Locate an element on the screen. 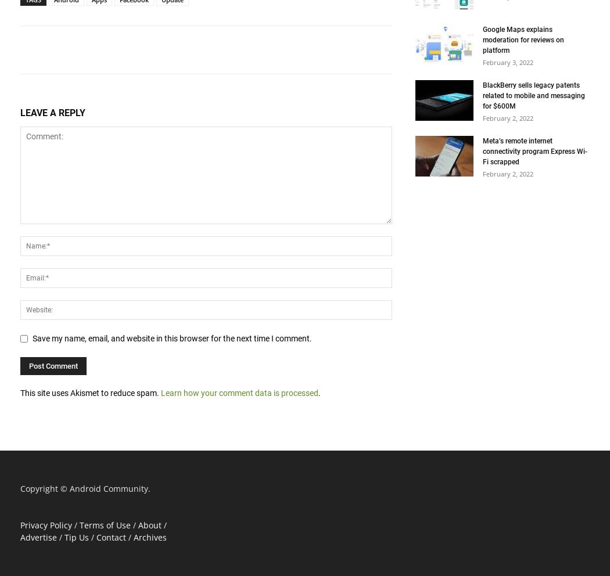 The width and height of the screenshot is (610, 576). 'Save my name, email, and website in this browser for the next time I comment.' is located at coordinates (171, 337).